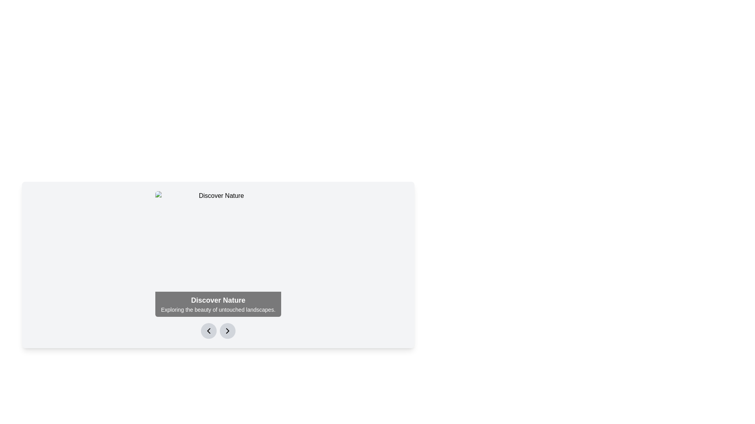 The height and width of the screenshot is (424, 755). What do you see at coordinates (227, 331) in the screenshot?
I see `the second button, which navigates to the next item in the 'Discover Nature' card, to observe visual feedback` at bounding box center [227, 331].